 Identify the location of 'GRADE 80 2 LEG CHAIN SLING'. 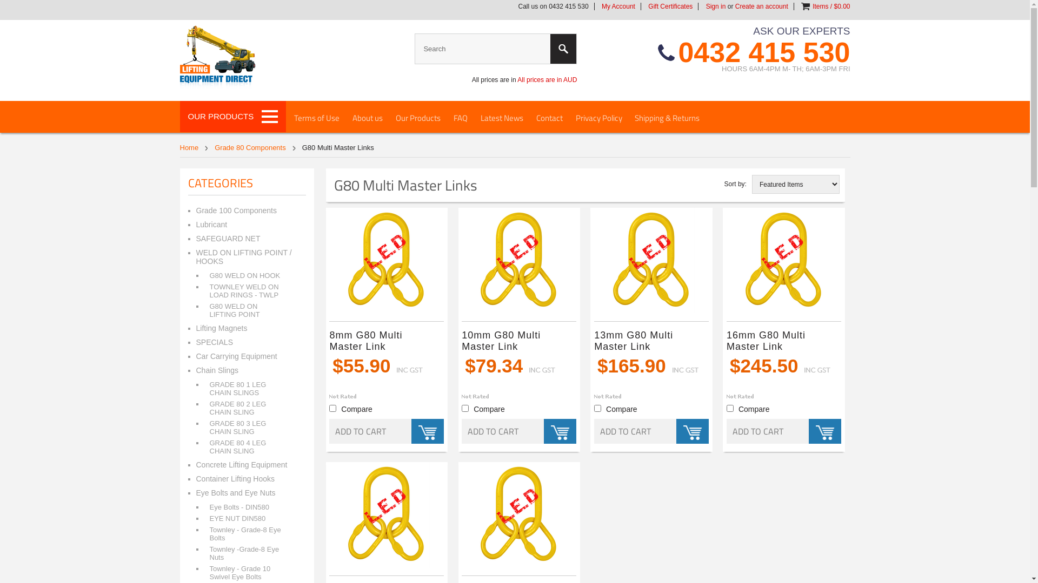
(247, 408).